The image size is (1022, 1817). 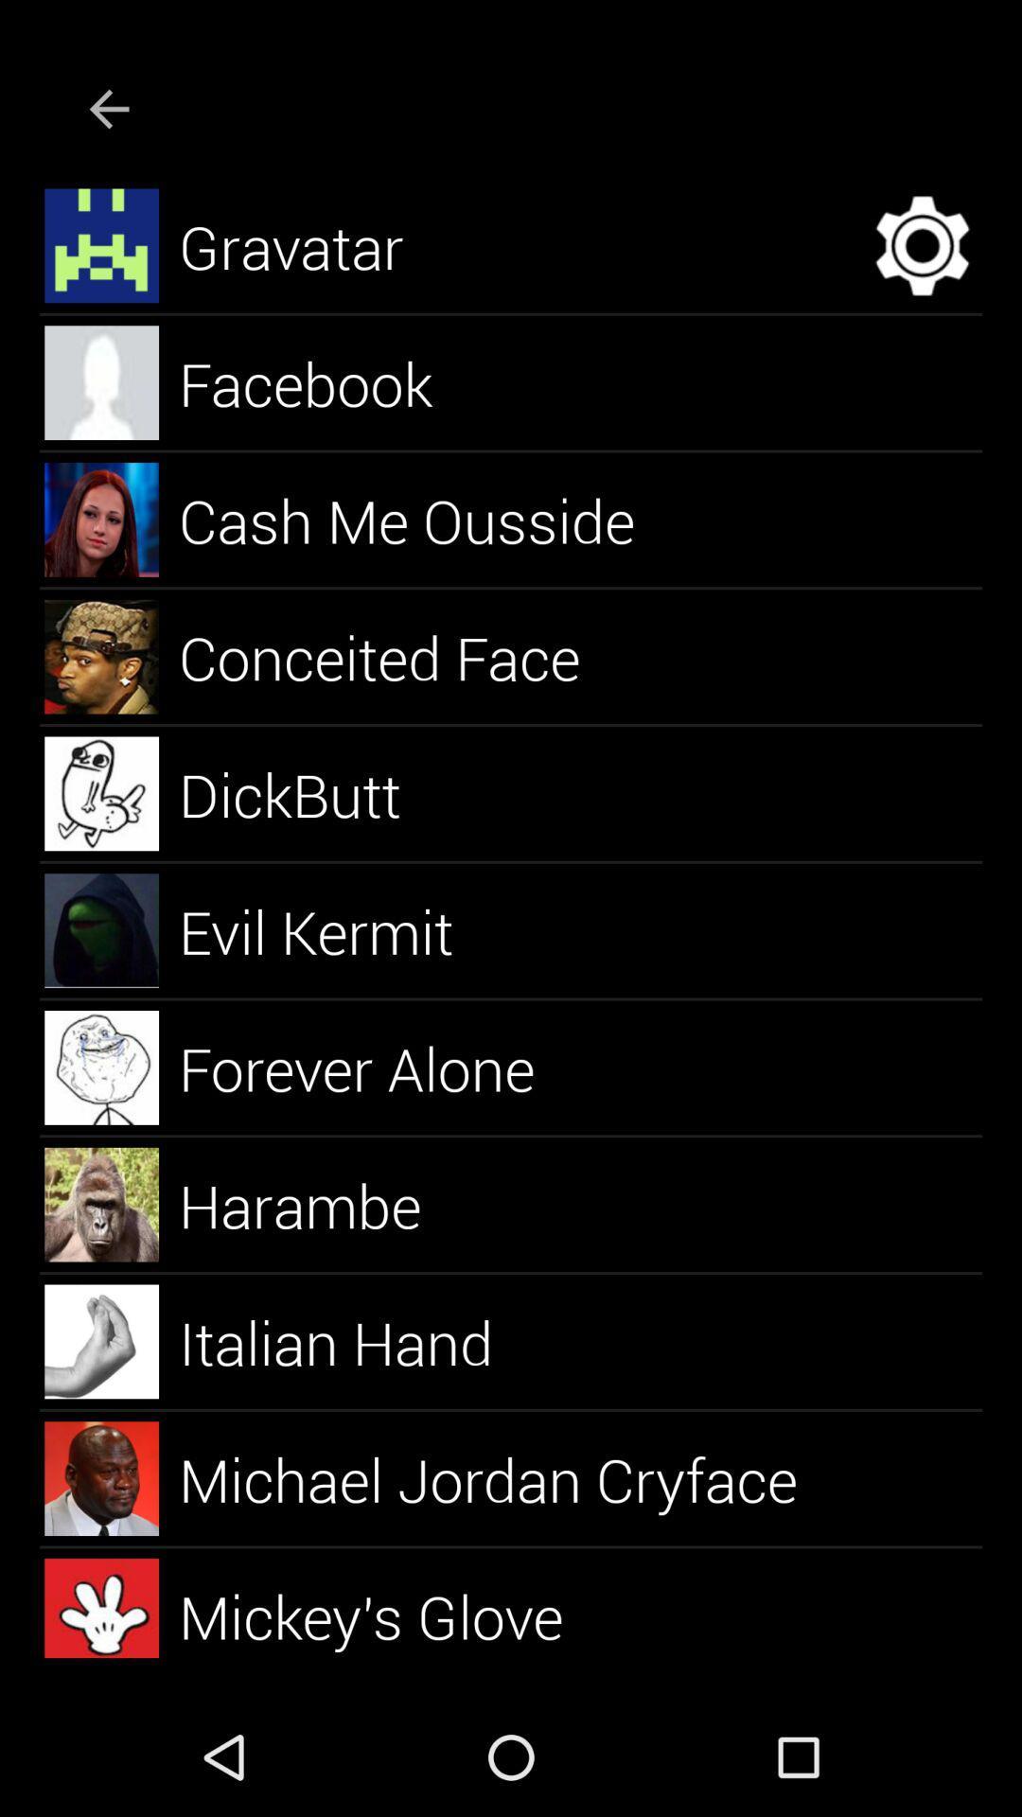 I want to click on the harambe item, so click(x=321, y=1204).